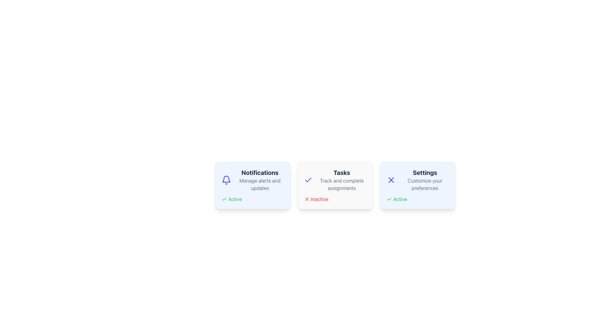 This screenshot has height=332, width=590. Describe the element at coordinates (335, 199) in the screenshot. I see `the 'Inactive' text label with red 'X' icon at the bottom of the 'Tasks' card` at that location.